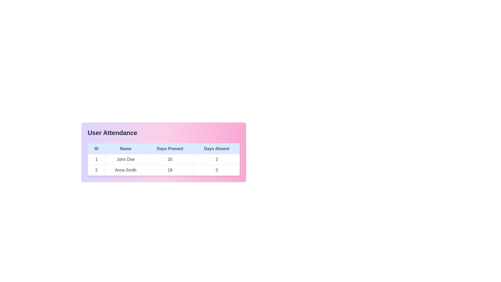 The height and width of the screenshot is (282, 501). I want to click on the Text display cell in the table that shows the numeric value '20' under the 'Days Present' heading, located in the first row between the 'Name' cell with 'John Doe' and the 'Days Absent' cell, so click(170, 159).